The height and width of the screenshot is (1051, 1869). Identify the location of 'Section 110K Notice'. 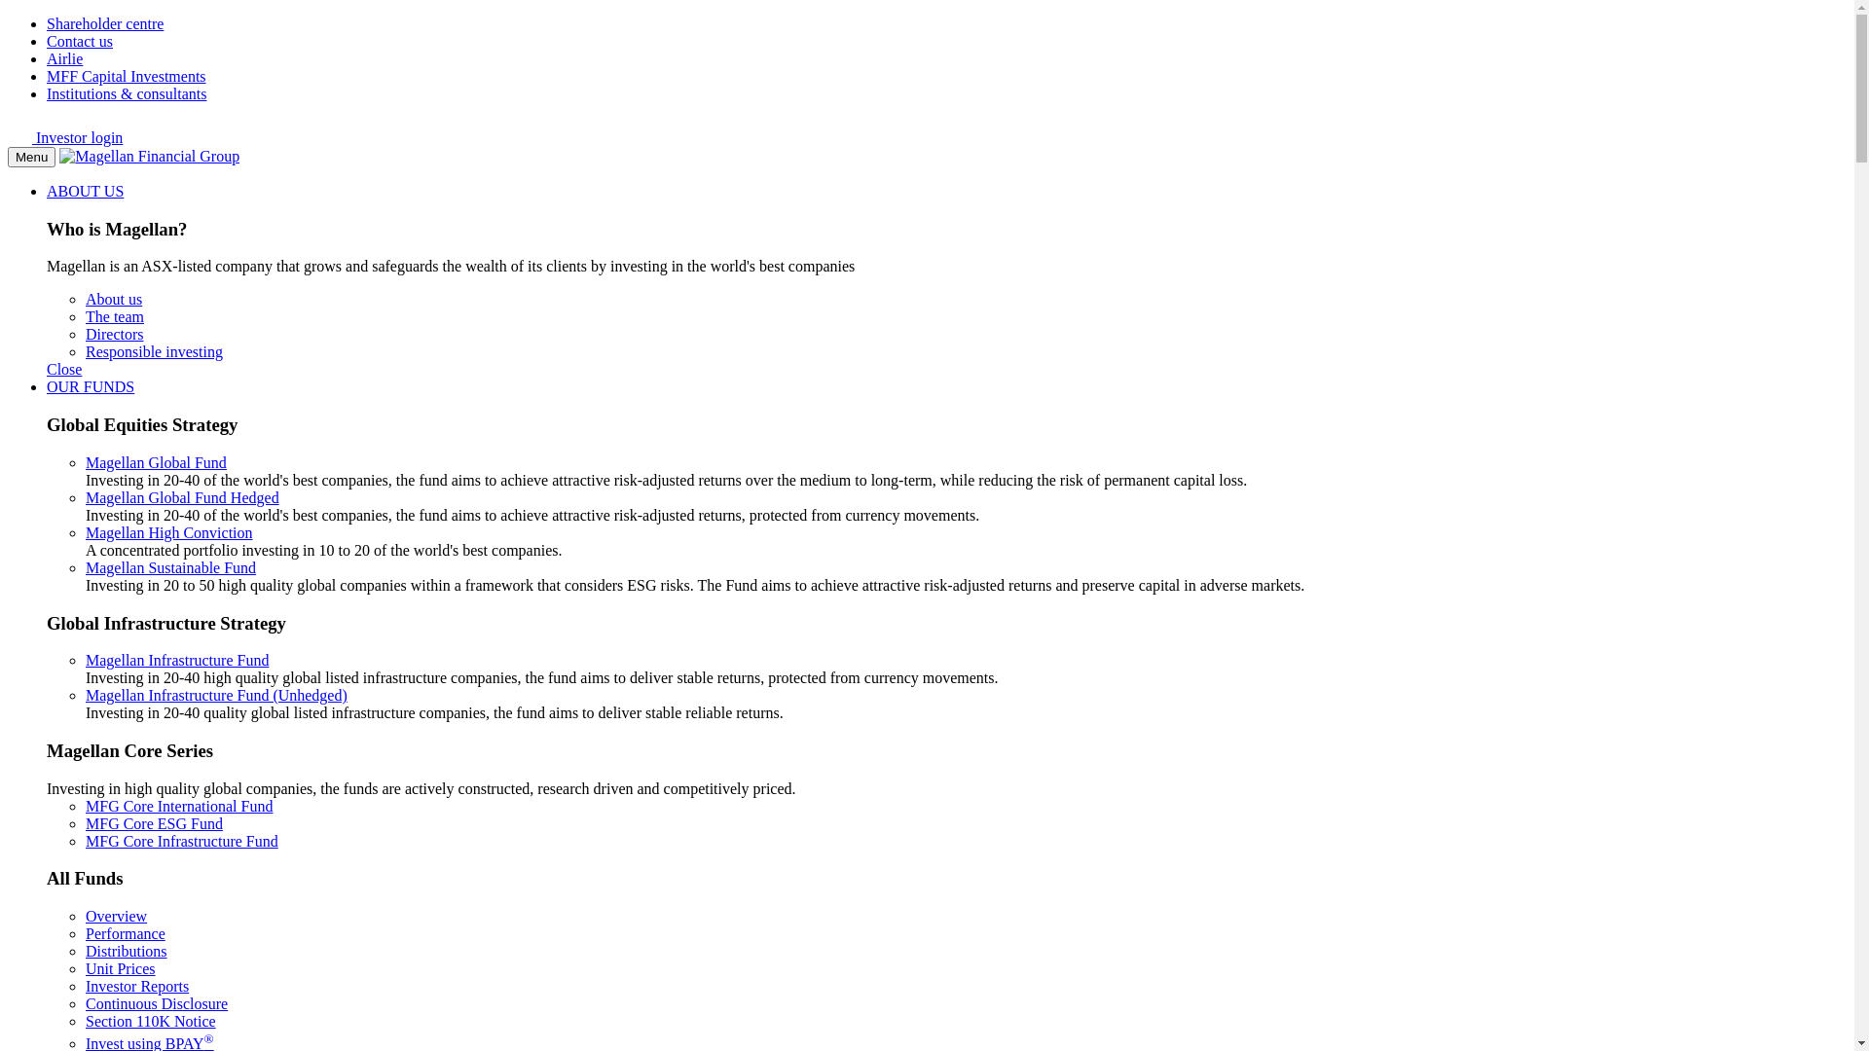
(149, 1020).